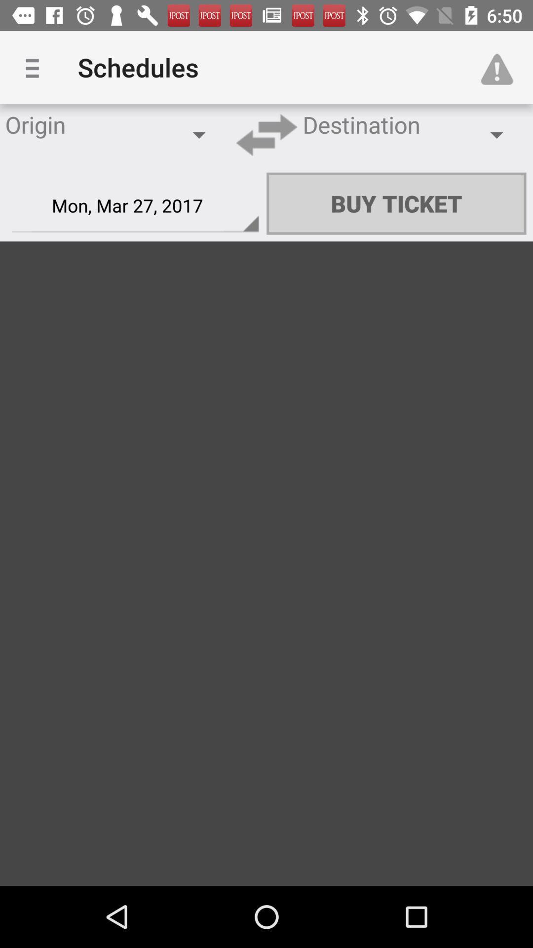 The width and height of the screenshot is (533, 948). What do you see at coordinates (396, 203) in the screenshot?
I see `icon to the right of the mon mar 27 item` at bounding box center [396, 203].